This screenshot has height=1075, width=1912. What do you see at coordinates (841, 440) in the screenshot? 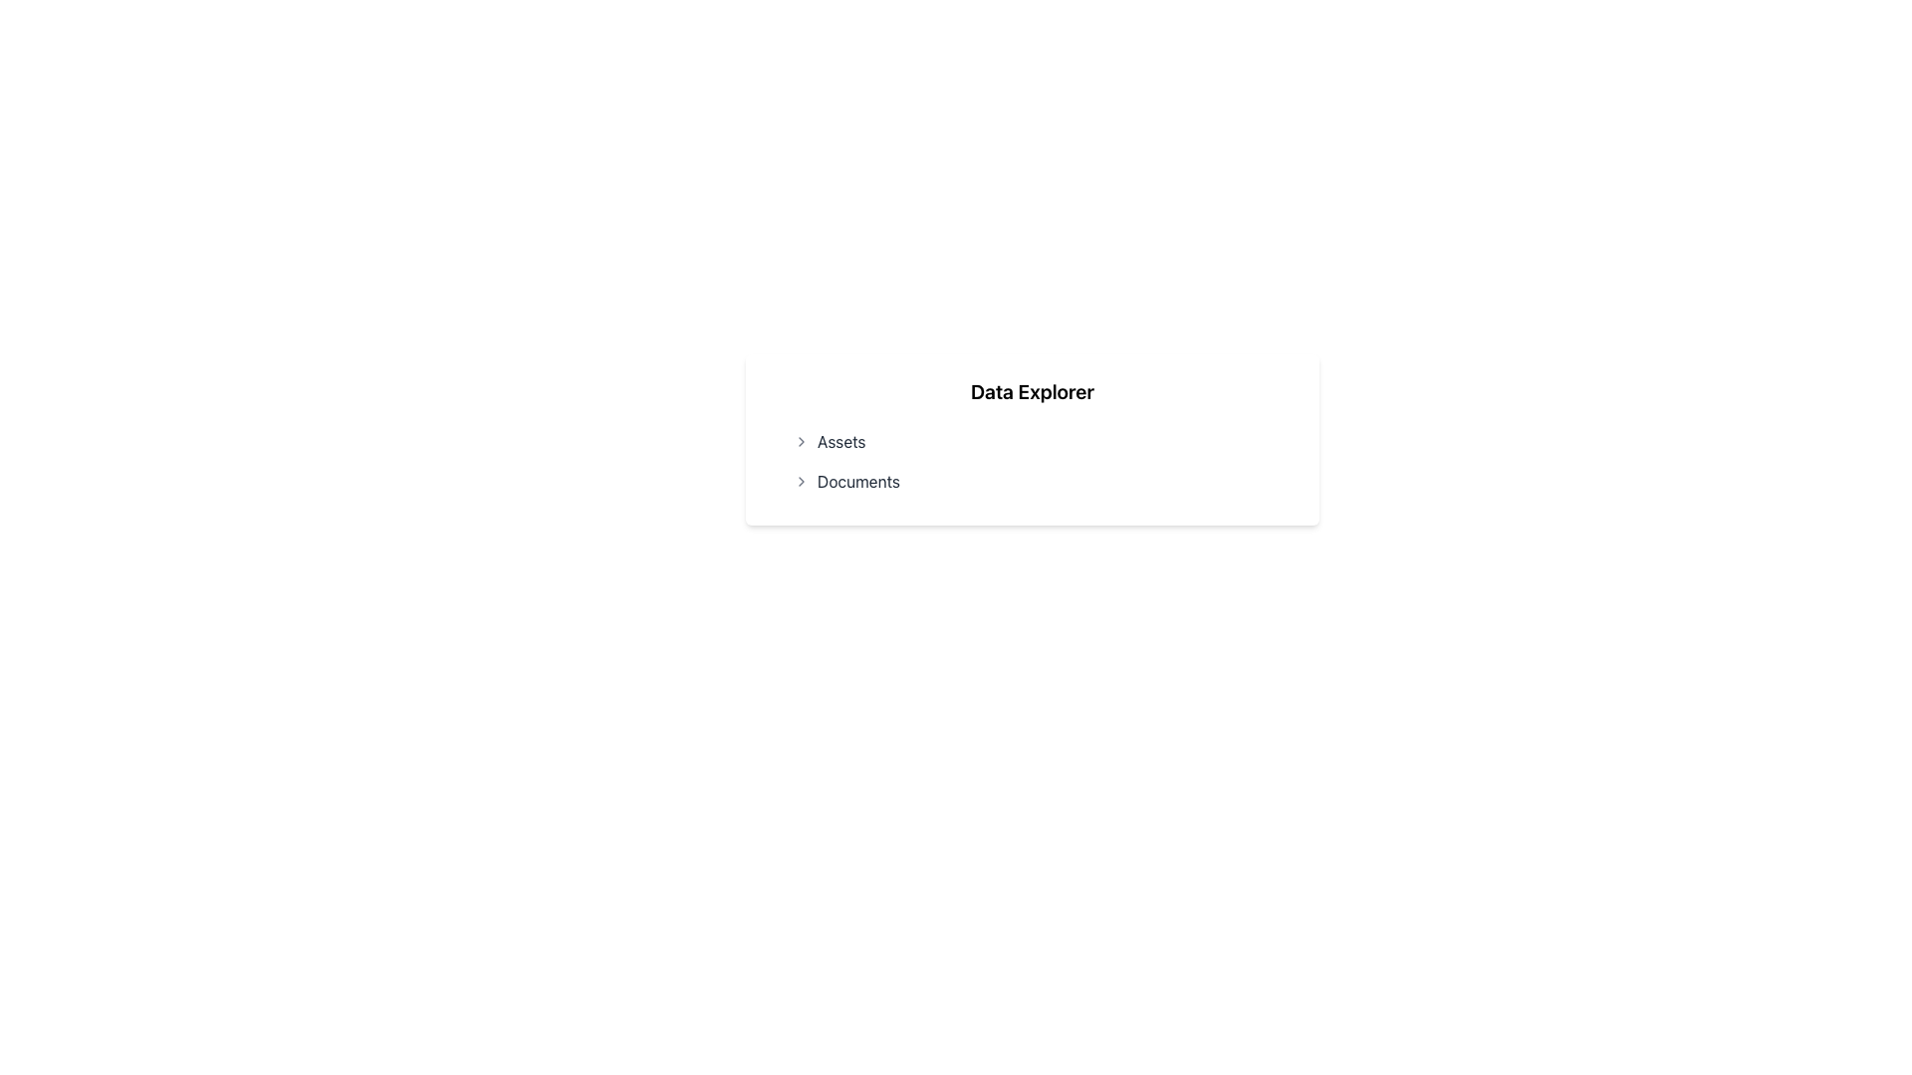
I see `the 'Assets' text label, which is styled in gray and is the first item in the vertical list under the 'Data Explorer' heading` at bounding box center [841, 440].